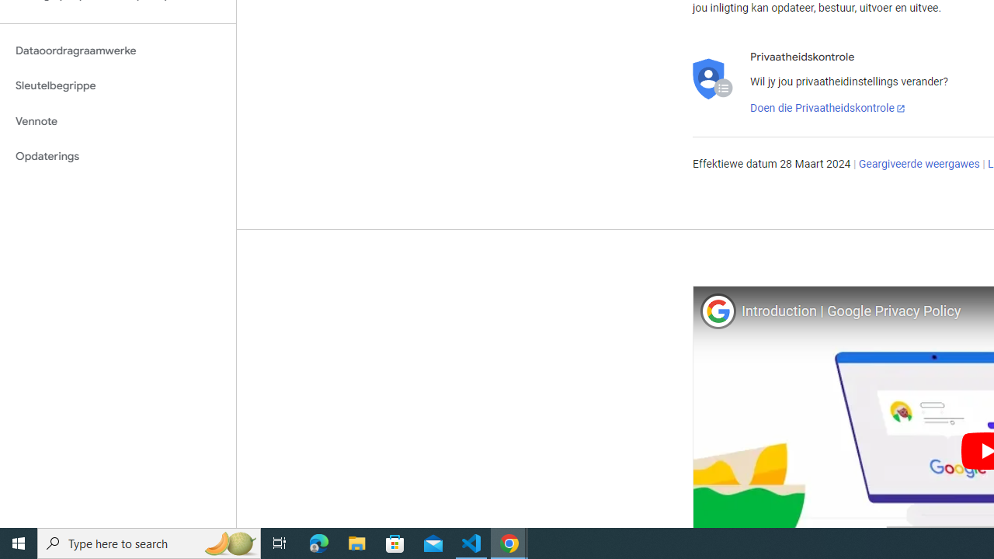 This screenshot has width=994, height=559. Describe the element at coordinates (117, 85) in the screenshot. I see `'Sleutelbegrippe'` at that location.